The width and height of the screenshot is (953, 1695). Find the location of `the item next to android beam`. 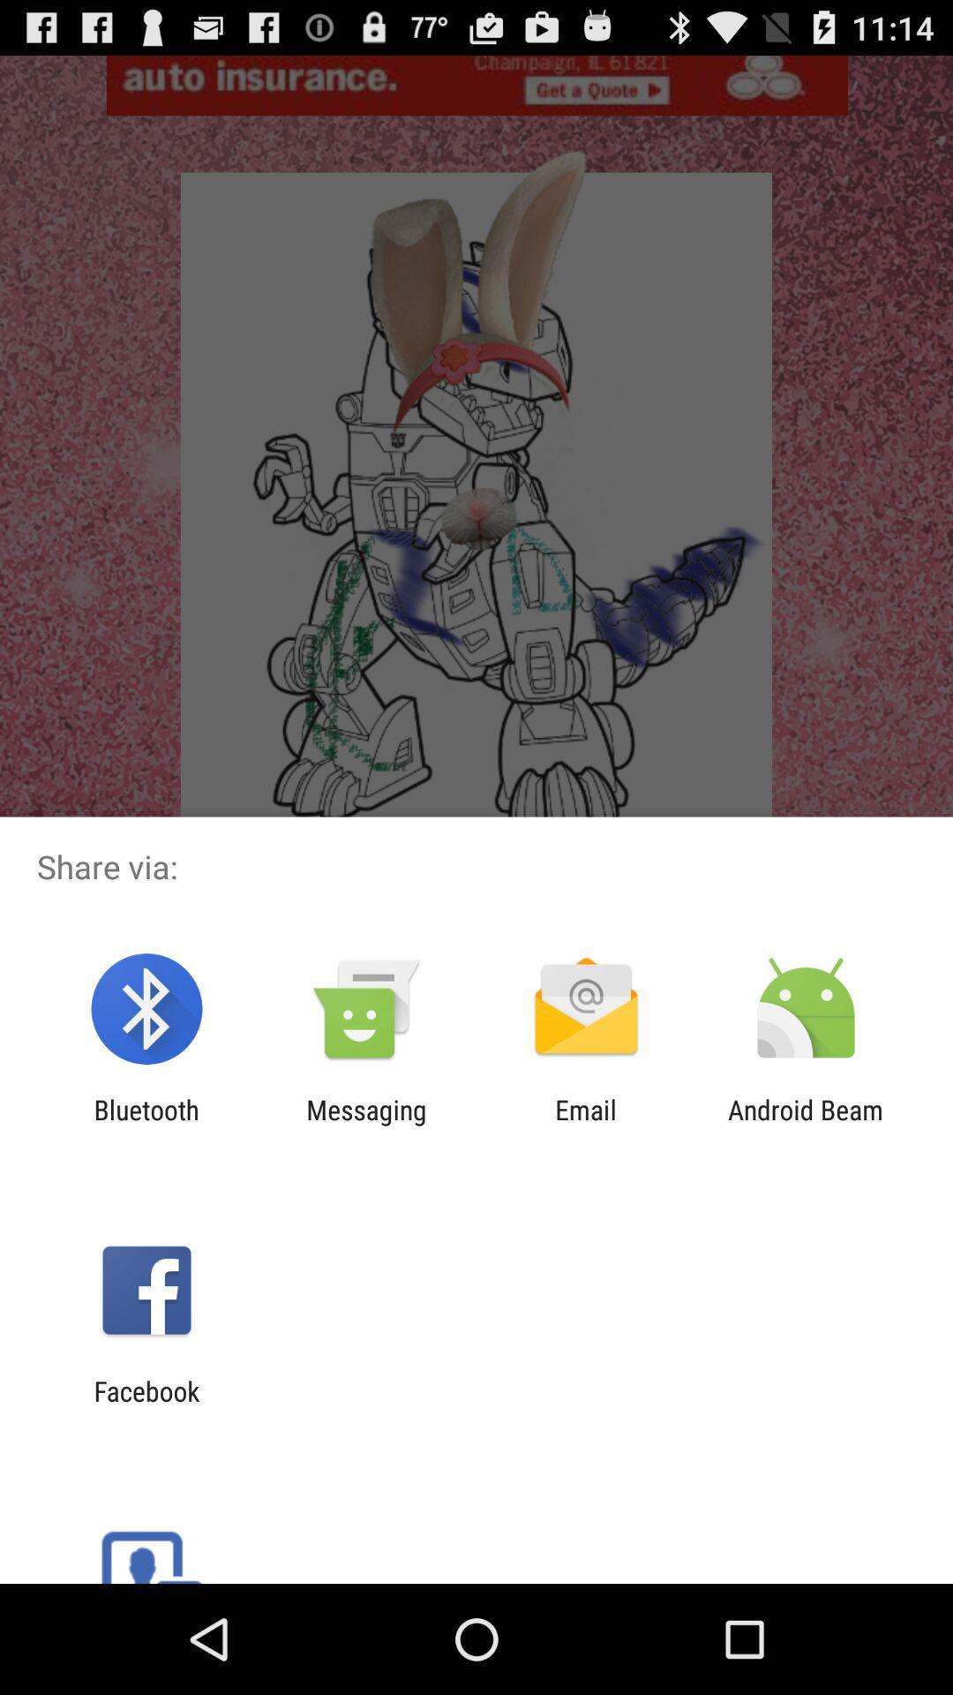

the item next to android beam is located at coordinates (586, 1125).